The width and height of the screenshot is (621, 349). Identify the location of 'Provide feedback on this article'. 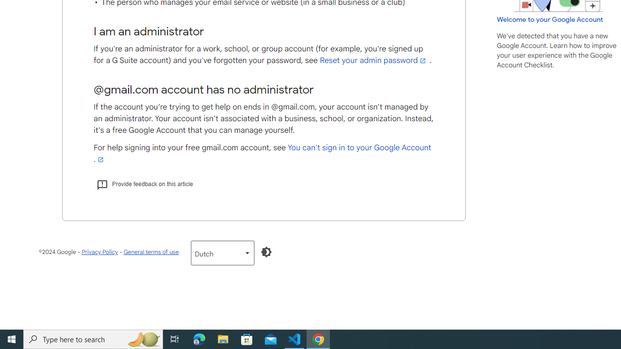
(144, 184).